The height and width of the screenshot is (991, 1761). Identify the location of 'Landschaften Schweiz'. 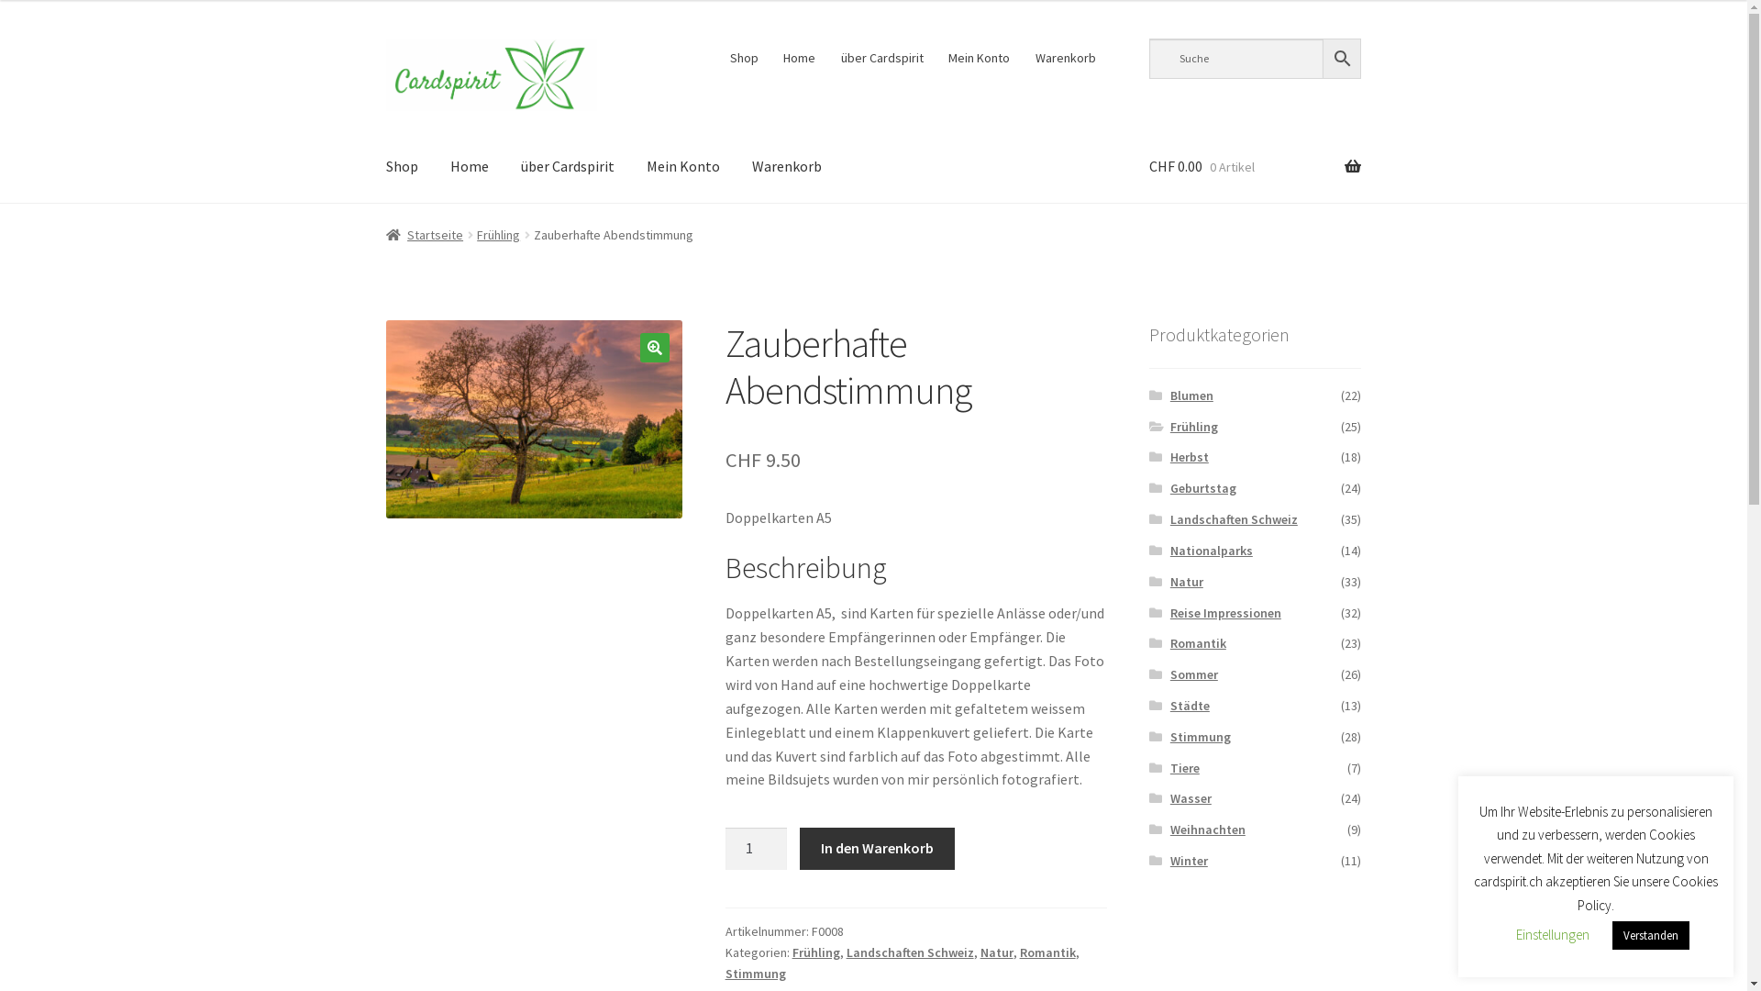
(910, 951).